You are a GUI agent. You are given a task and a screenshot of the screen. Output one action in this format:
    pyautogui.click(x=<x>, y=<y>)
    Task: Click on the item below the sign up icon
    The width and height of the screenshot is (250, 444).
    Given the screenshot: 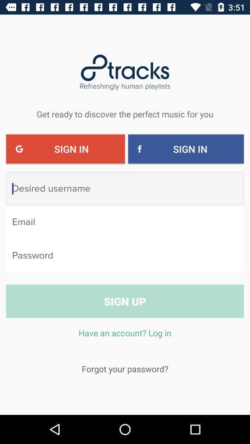 What is the action you would take?
    pyautogui.click(x=125, y=337)
    